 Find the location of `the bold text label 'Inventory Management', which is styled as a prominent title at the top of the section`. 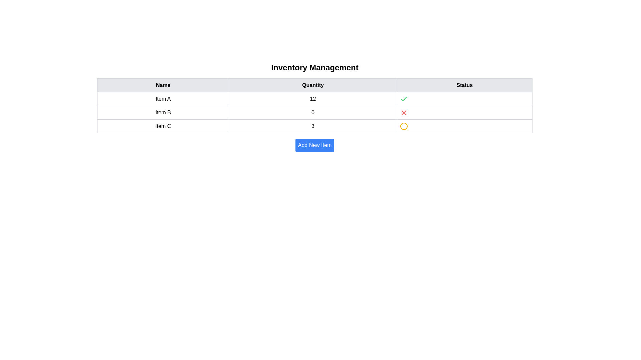

the bold text label 'Inventory Management', which is styled as a prominent title at the top of the section is located at coordinates (314, 68).